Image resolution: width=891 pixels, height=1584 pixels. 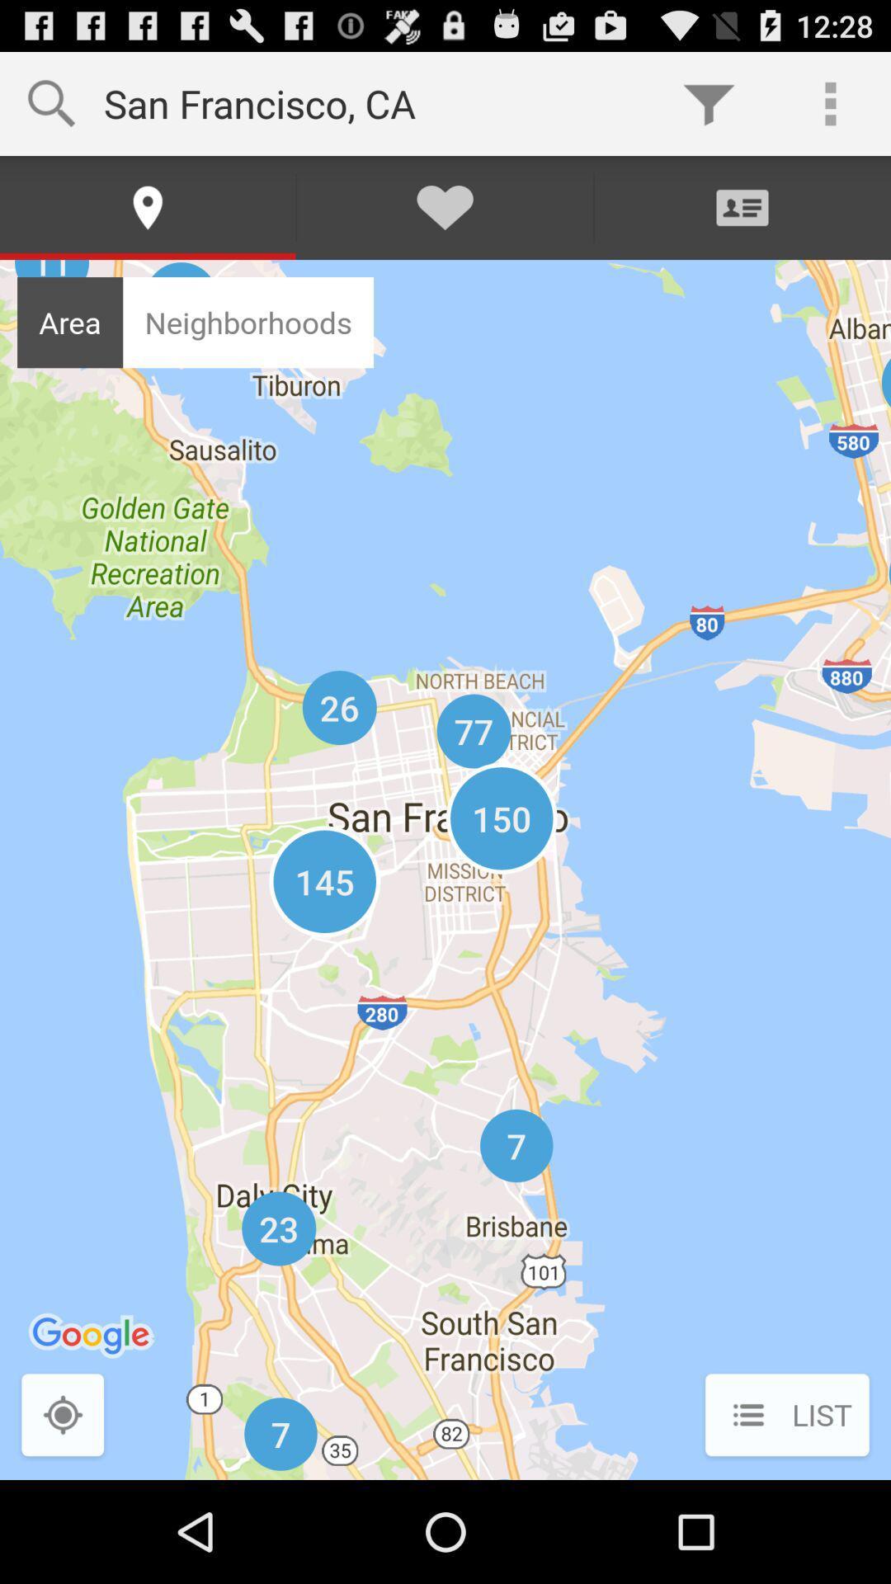 What do you see at coordinates (248, 323) in the screenshot?
I see `neighborhoods icon` at bounding box center [248, 323].